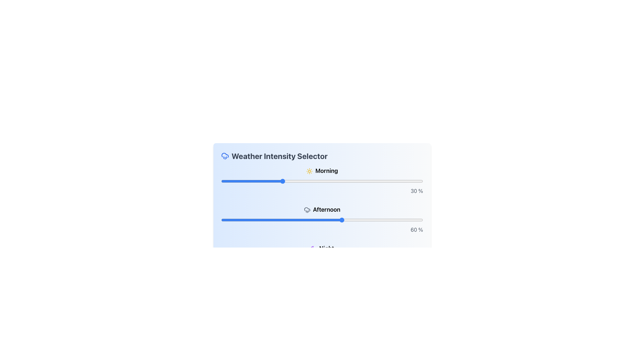 The image size is (621, 349). Describe the element at coordinates (320, 181) in the screenshot. I see `the weather intensity for the morning` at that location.